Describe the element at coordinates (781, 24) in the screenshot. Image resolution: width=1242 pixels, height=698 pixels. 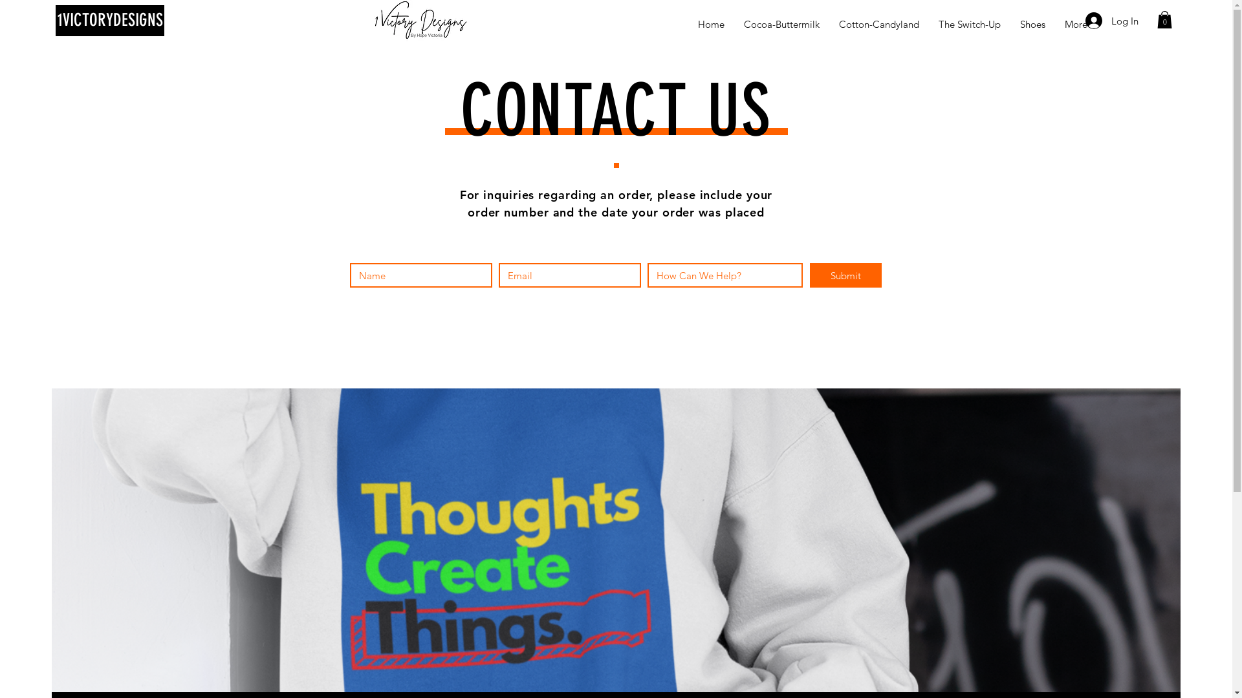
I see `'Cocoa-Buttermilk'` at that location.